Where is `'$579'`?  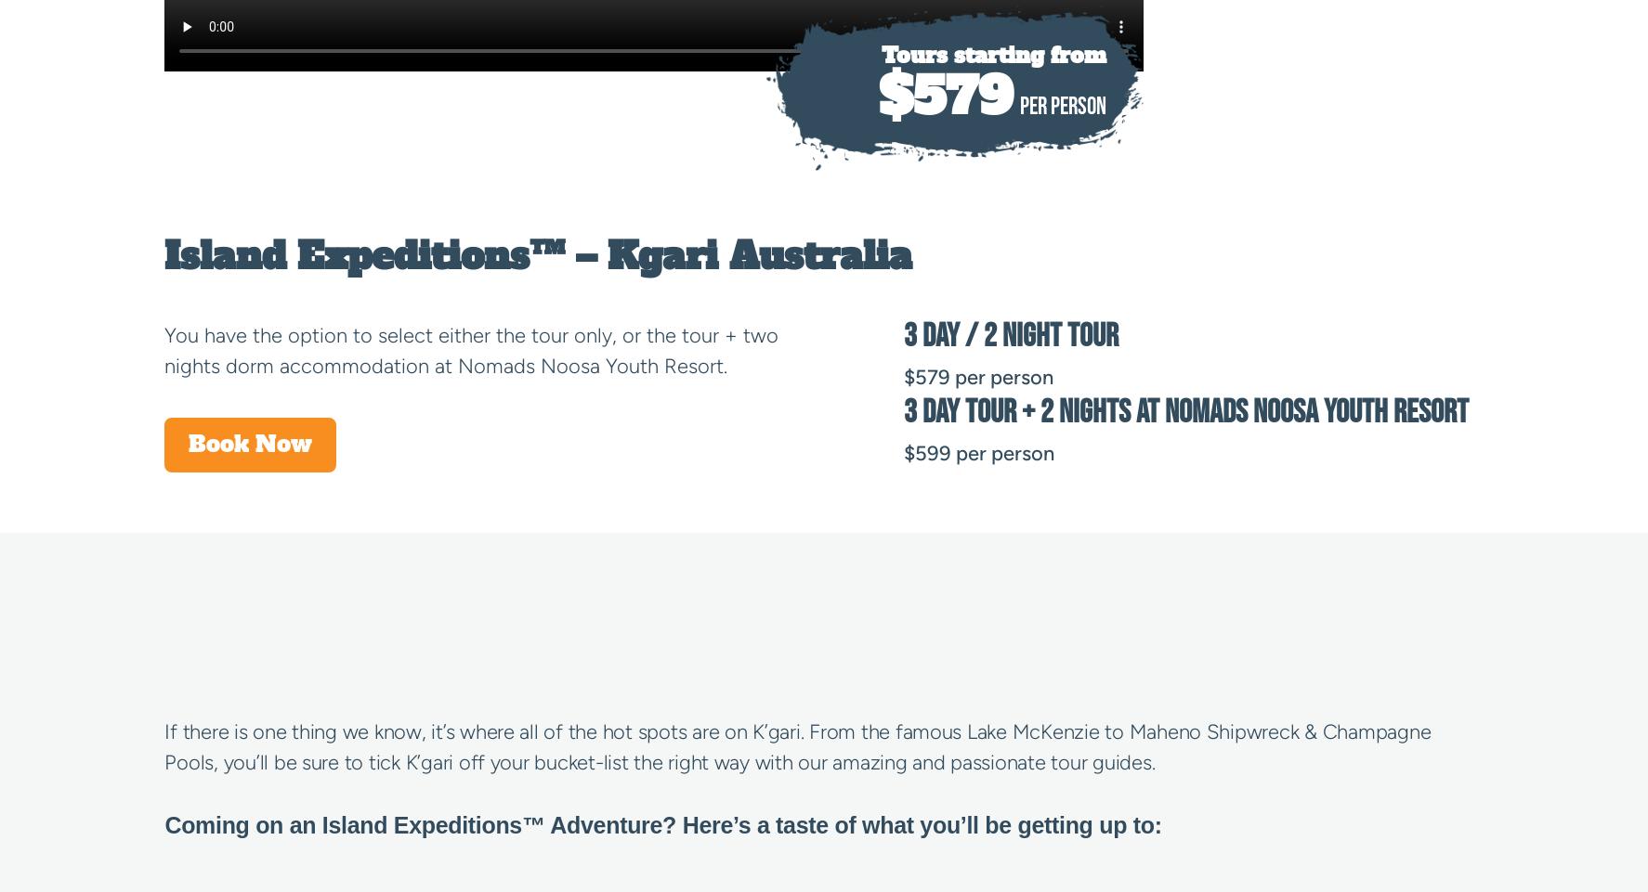 '$579' is located at coordinates (878, 96).